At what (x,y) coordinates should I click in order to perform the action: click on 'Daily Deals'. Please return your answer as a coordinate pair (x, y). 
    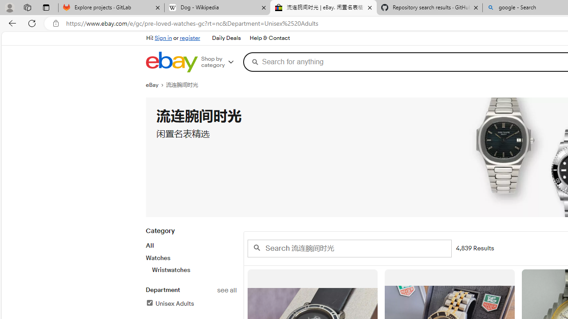
    Looking at the image, I should click on (226, 38).